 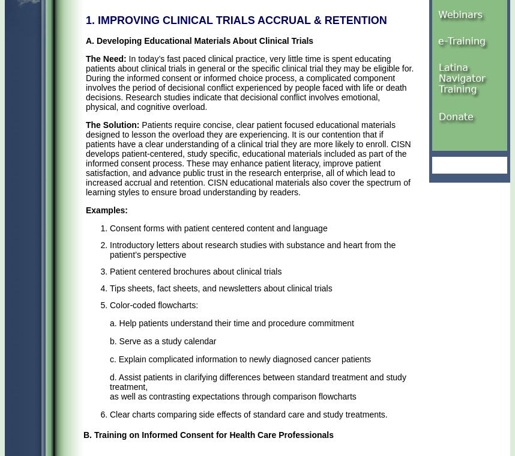 What do you see at coordinates (208, 434) in the screenshot?
I see `'B. Training on Informed Consent for Health Care Professionals'` at bounding box center [208, 434].